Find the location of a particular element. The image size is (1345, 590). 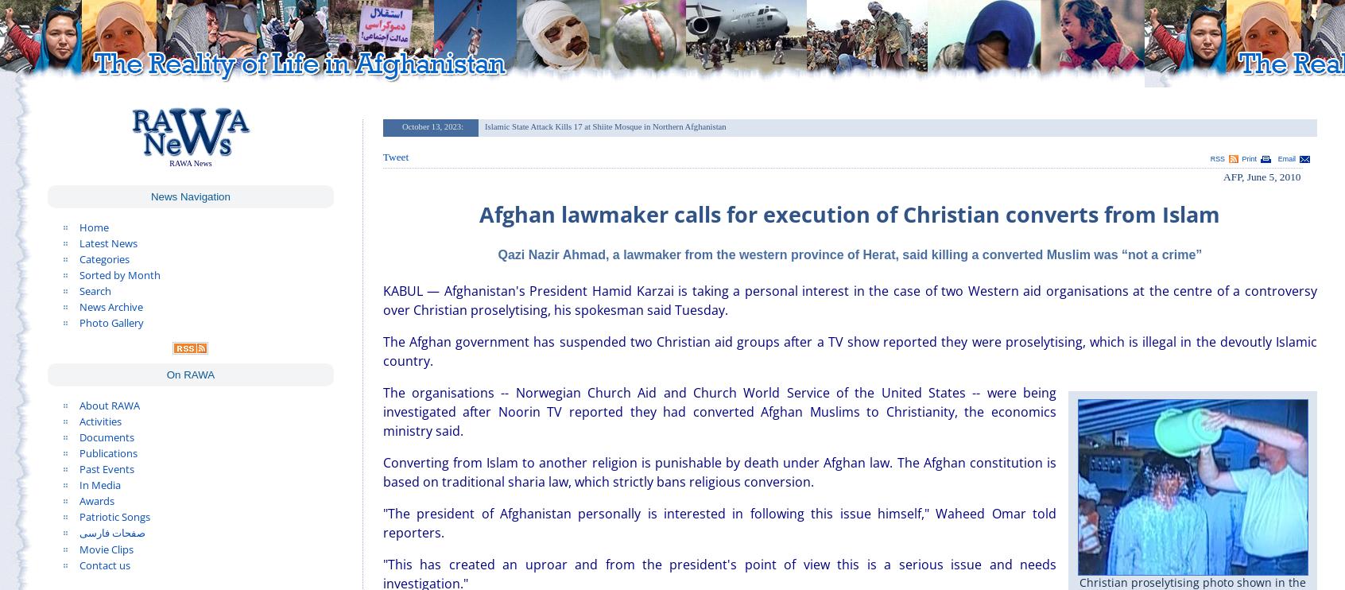

'On RAWA' is located at coordinates (190, 374).